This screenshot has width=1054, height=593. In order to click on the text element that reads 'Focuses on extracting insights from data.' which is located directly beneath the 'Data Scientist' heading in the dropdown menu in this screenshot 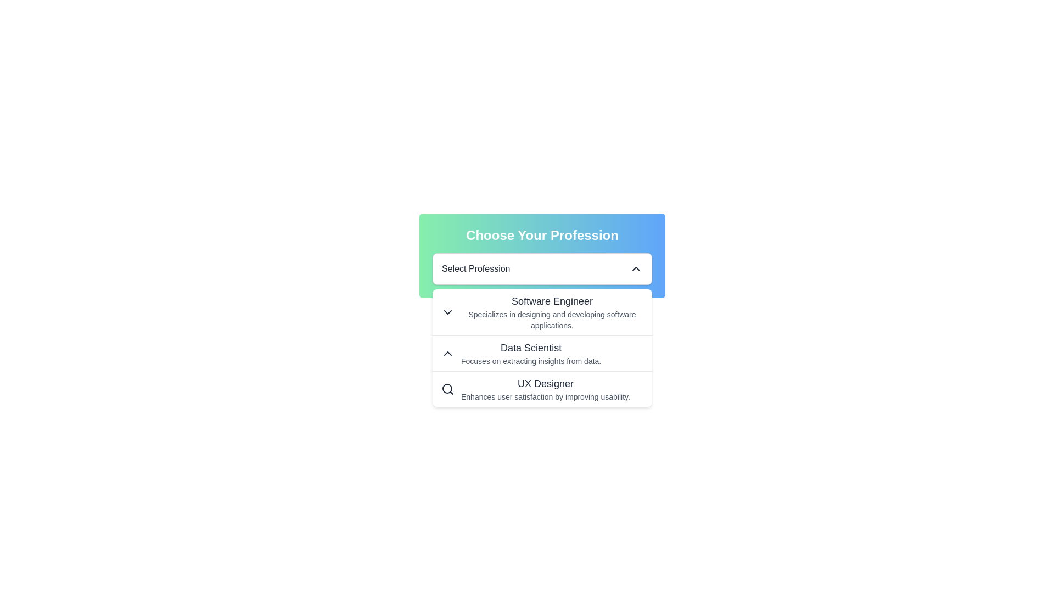, I will do `click(531, 361)`.